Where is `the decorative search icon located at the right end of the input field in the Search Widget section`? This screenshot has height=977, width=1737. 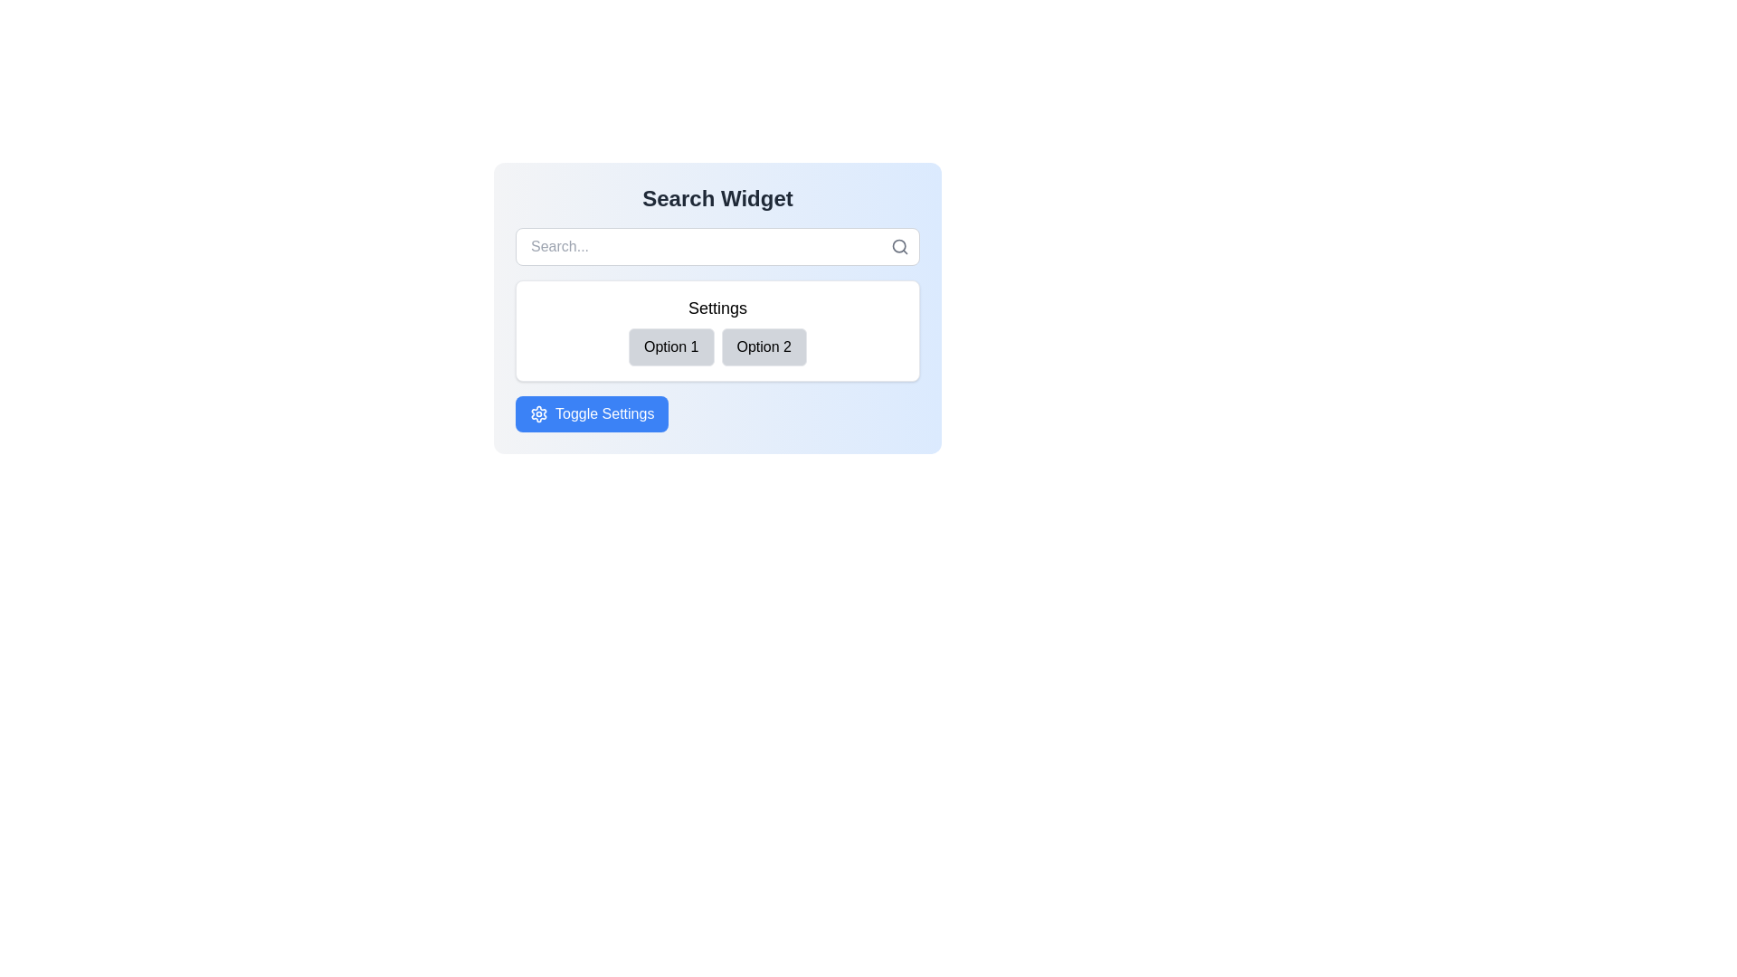 the decorative search icon located at the right end of the input field in the Search Widget section is located at coordinates (899, 247).